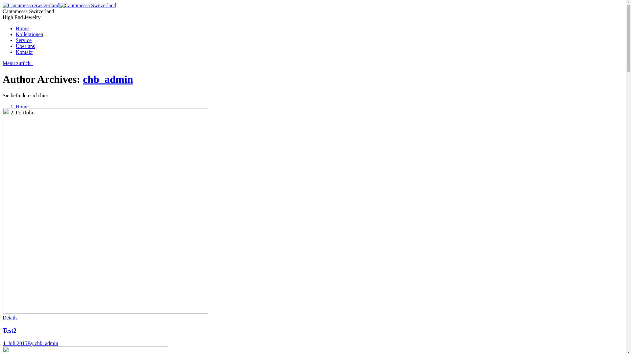  Describe the element at coordinates (27, 343) in the screenshot. I see `'By chb_admin'` at that location.